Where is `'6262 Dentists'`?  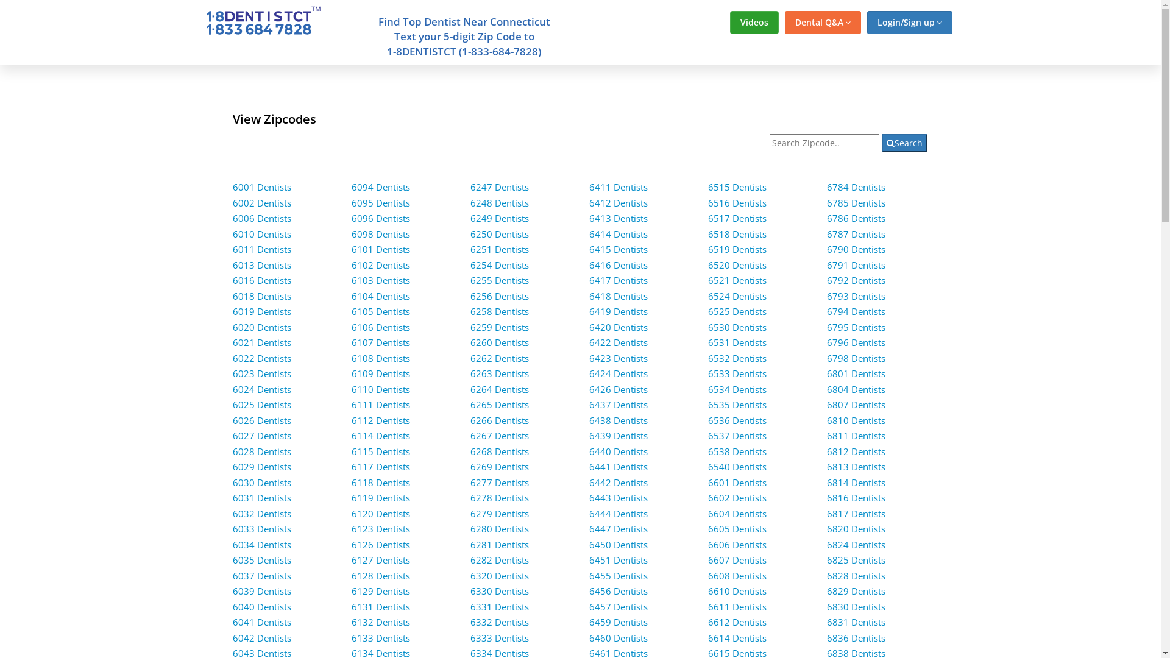 '6262 Dentists' is located at coordinates (500, 357).